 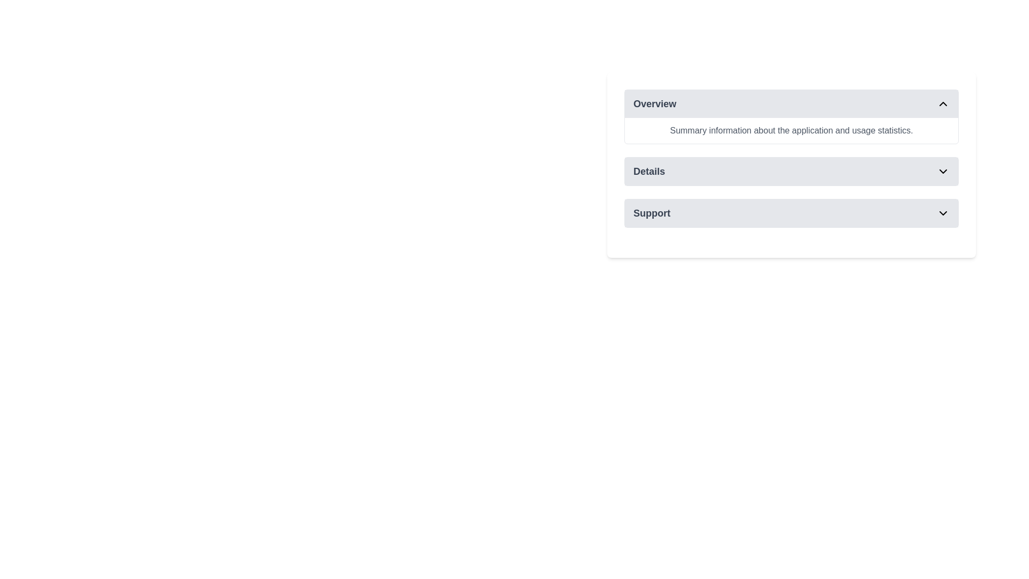 What do you see at coordinates (943, 171) in the screenshot?
I see `the icon located to the far right of the 'Details' section header` at bounding box center [943, 171].